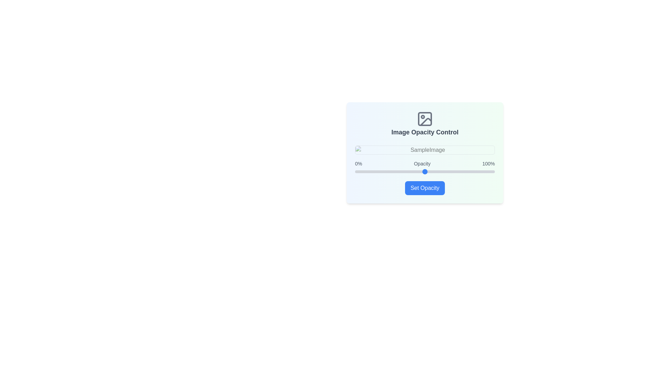 The image size is (671, 377). Describe the element at coordinates (382, 172) in the screenshot. I see `the opacity slider to set the opacity to 20%` at that location.